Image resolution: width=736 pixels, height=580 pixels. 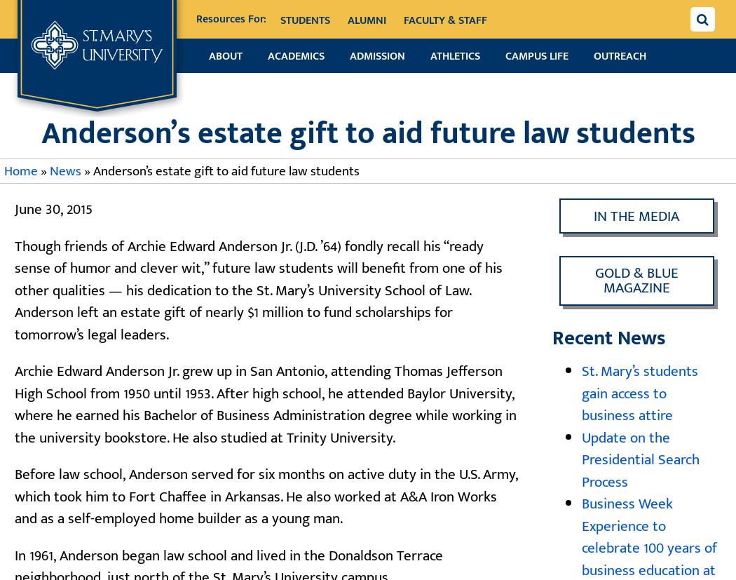 I want to click on 'Alumni', so click(x=366, y=20).